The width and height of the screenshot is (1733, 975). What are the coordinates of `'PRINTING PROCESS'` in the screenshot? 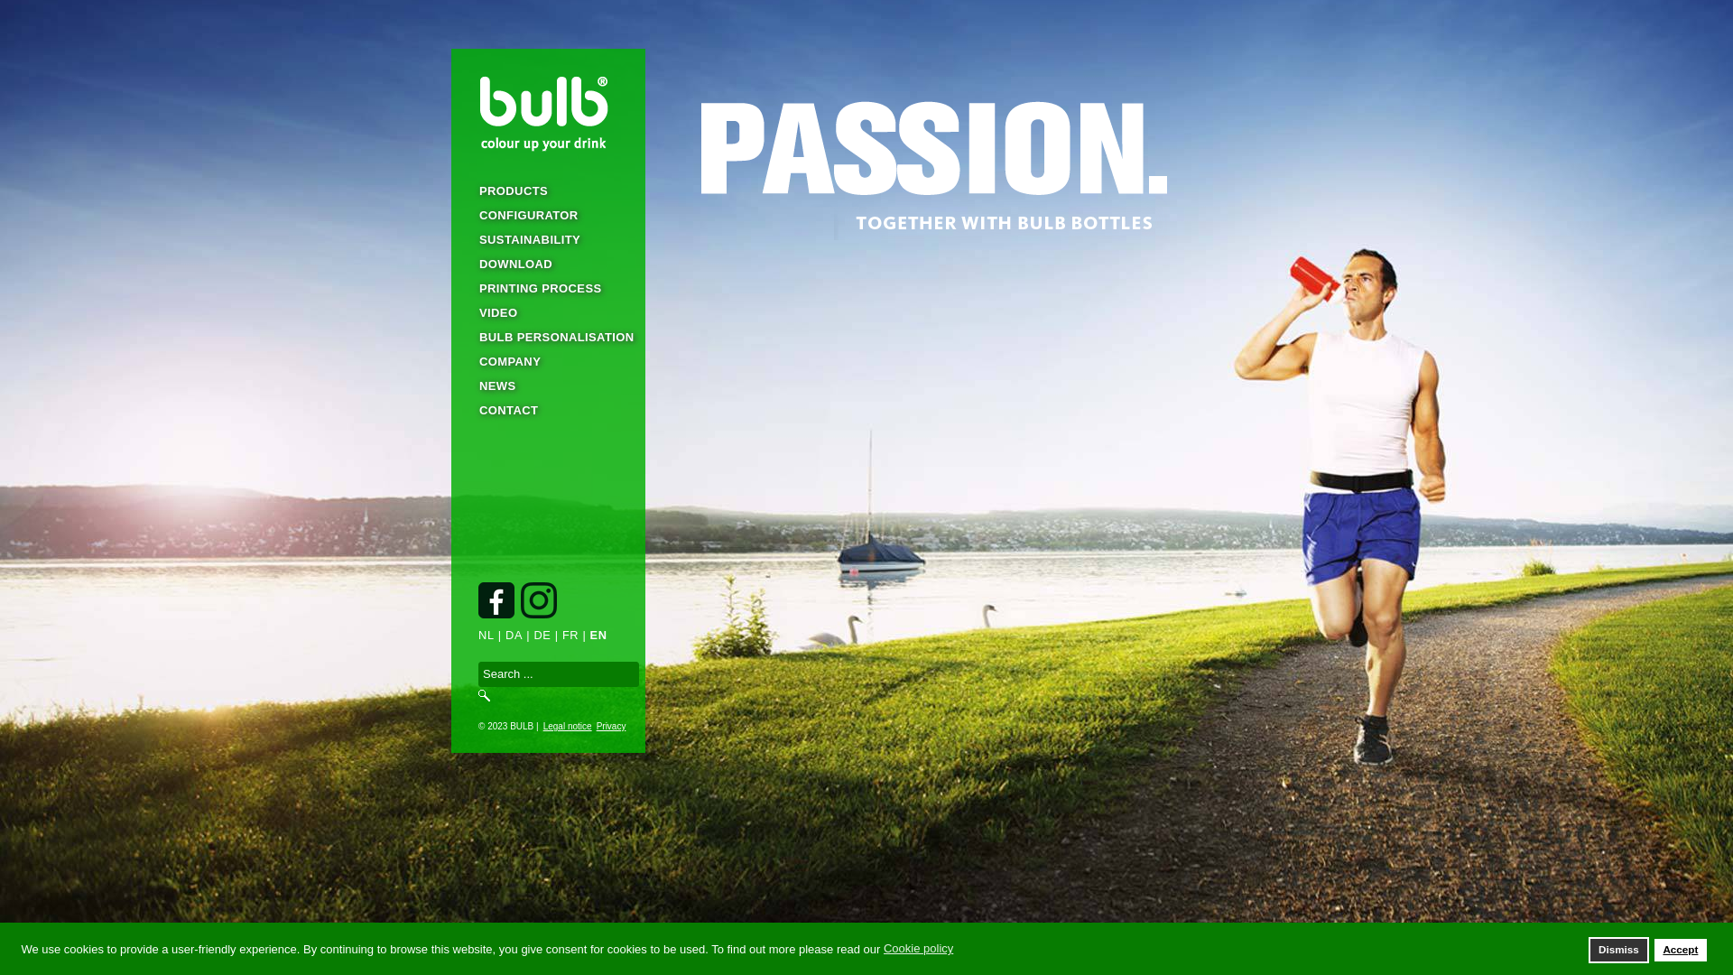 It's located at (547, 287).